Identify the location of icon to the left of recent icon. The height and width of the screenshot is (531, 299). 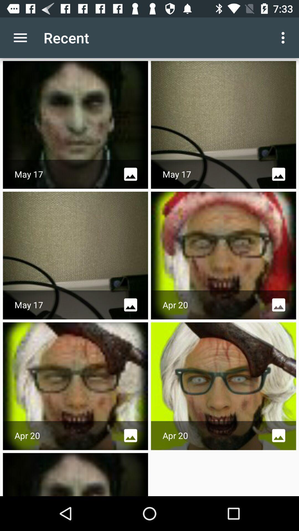
(20, 37).